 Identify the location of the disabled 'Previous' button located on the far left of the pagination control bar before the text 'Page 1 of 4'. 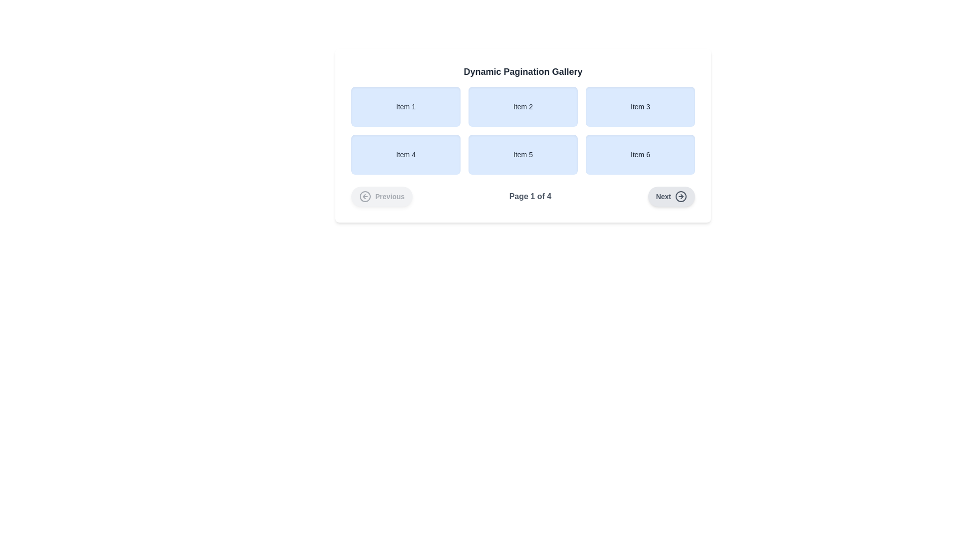
(381, 196).